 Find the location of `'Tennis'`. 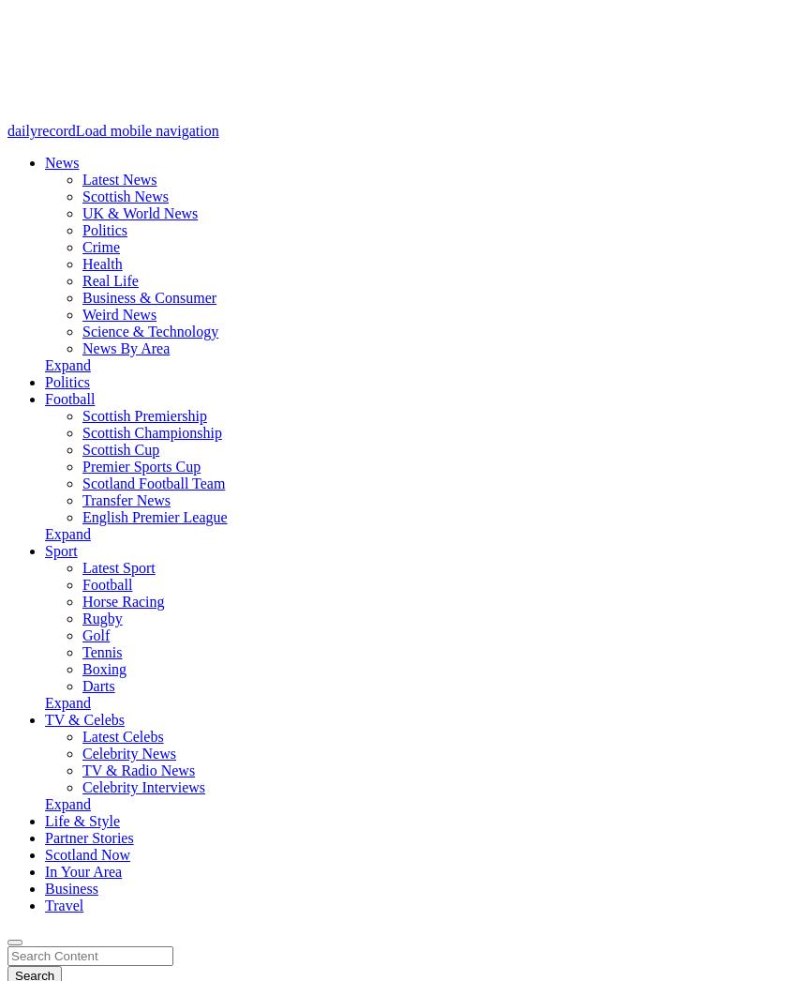

'Tennis' is located at coordinates (101, 652).